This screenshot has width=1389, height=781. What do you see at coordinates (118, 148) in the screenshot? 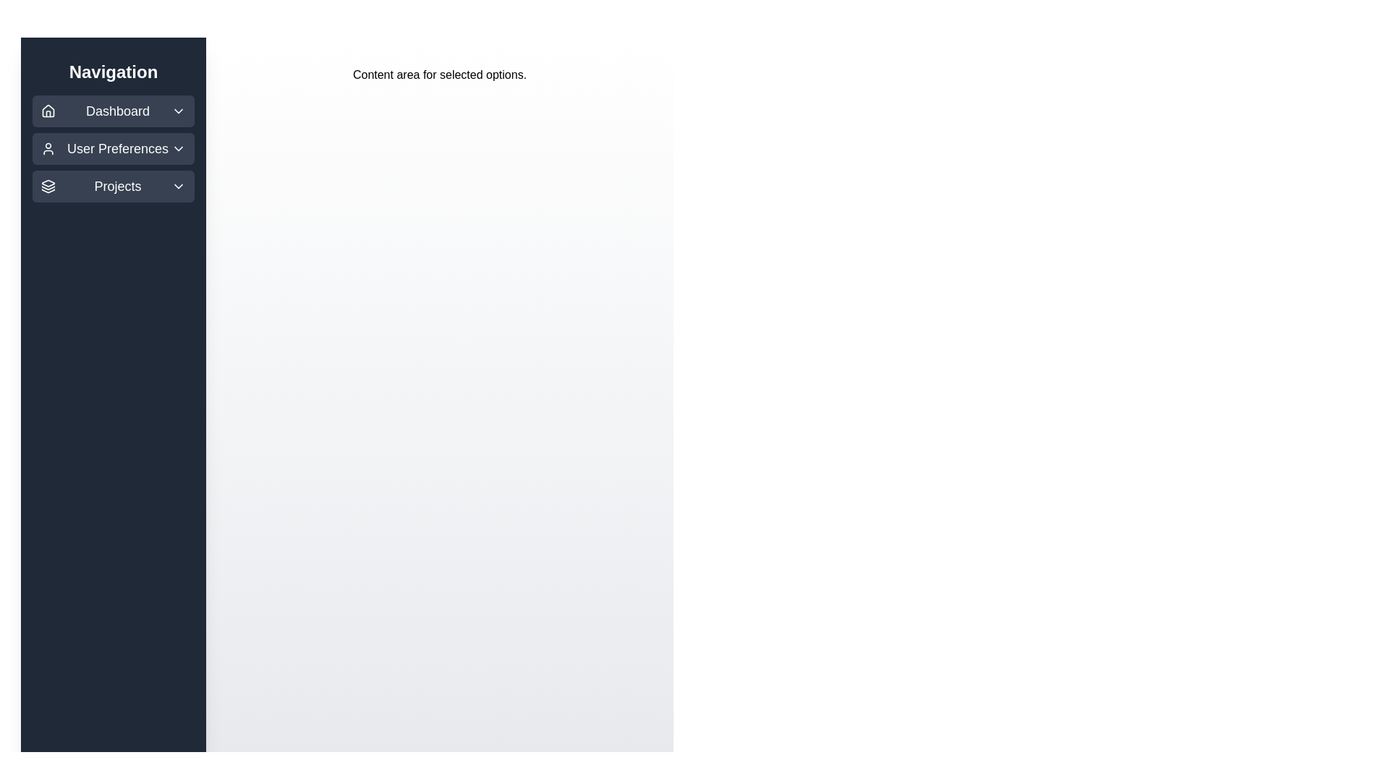
I see `the text label UI component indicating the navigation option for accessing user preference settings, located in the sidebar navigation menu` at bounding box center [118, 148].